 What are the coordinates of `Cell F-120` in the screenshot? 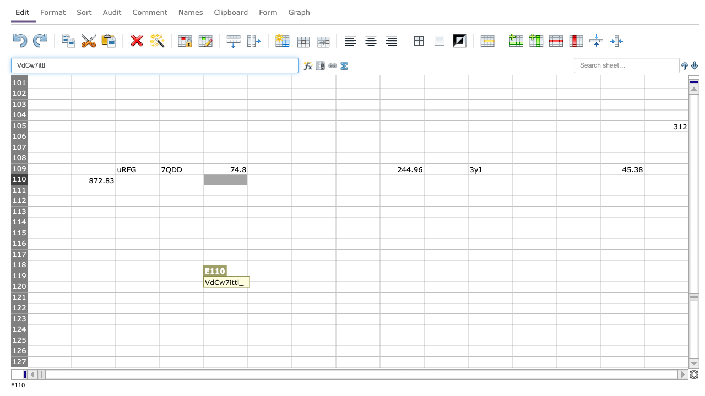 It's located at (269, 286).